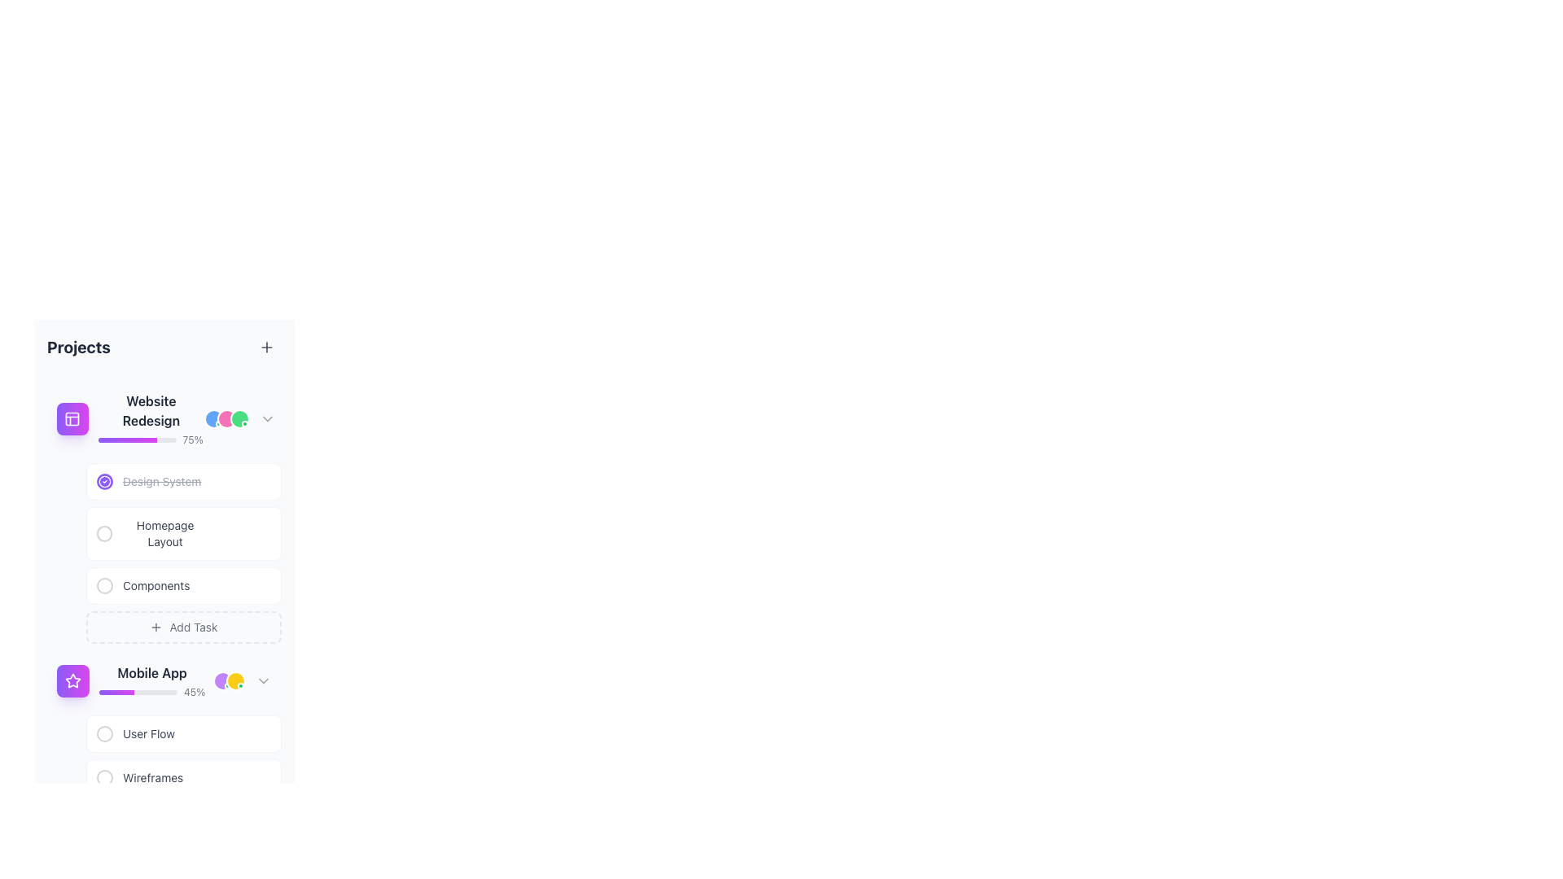 The height and width of the screenshot is (879, 1563). I want to click on the circular radio-style selector next to the label 'Homepage Layout' to mark it as selected, so click(152, 533).